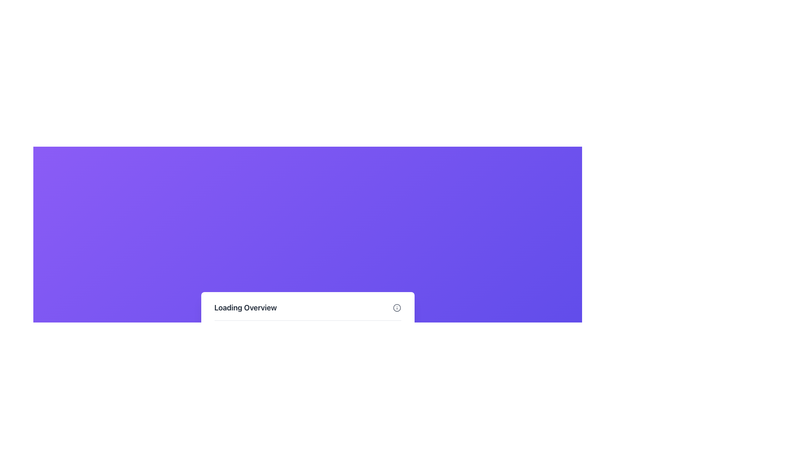 This screenshot has height=450, width=800. Describe the element at coordinates (396, 308) in the screenshot. I see `the graphical decoration (circle) within the SVG-based information icon located to the far right of the 'Loading Overview' card` at that location.